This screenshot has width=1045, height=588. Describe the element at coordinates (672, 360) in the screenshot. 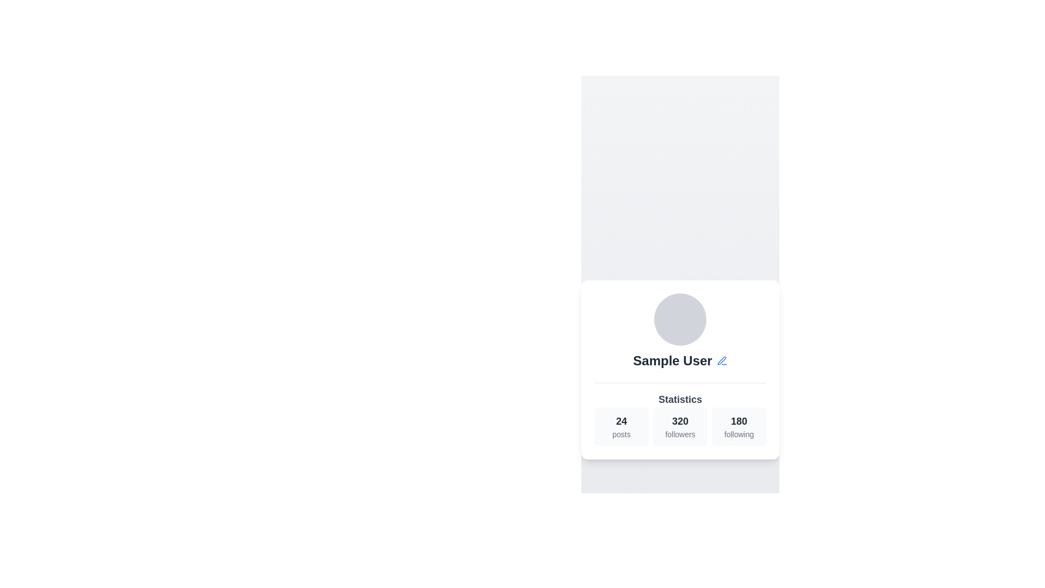

I see `the text label displaying 'Sample User', which is styled prominently with a bold font and large size, located centrally within the profile card layout beneath the avatar icon` at that location.